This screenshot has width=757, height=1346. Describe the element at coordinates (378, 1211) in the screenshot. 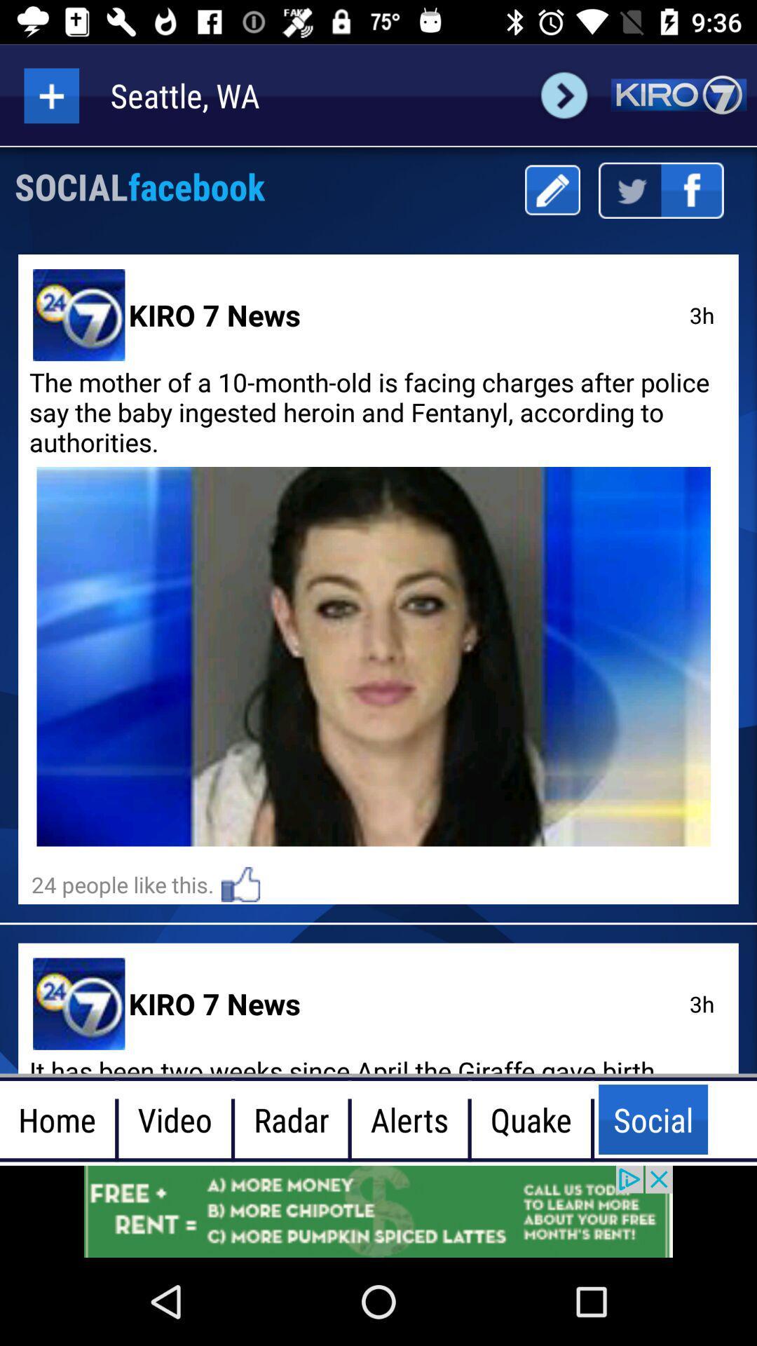

I see `advertisement banner` at that location.